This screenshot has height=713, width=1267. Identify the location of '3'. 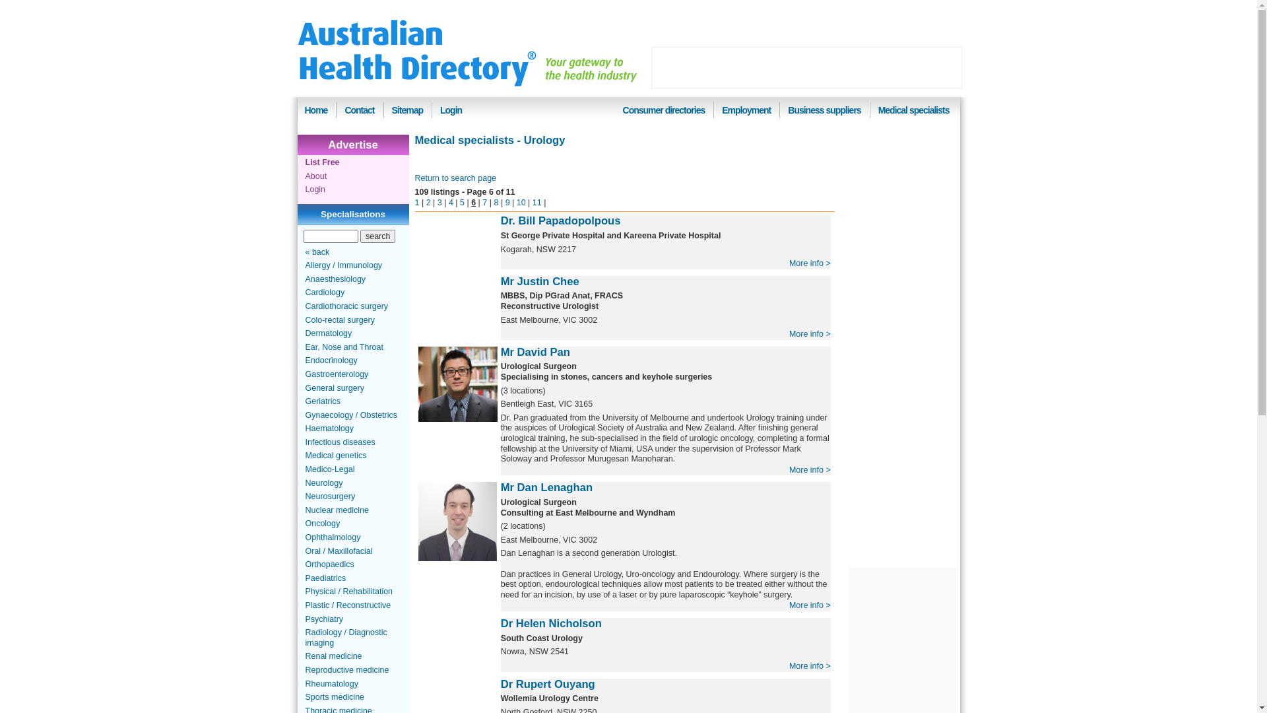
(439, 203).